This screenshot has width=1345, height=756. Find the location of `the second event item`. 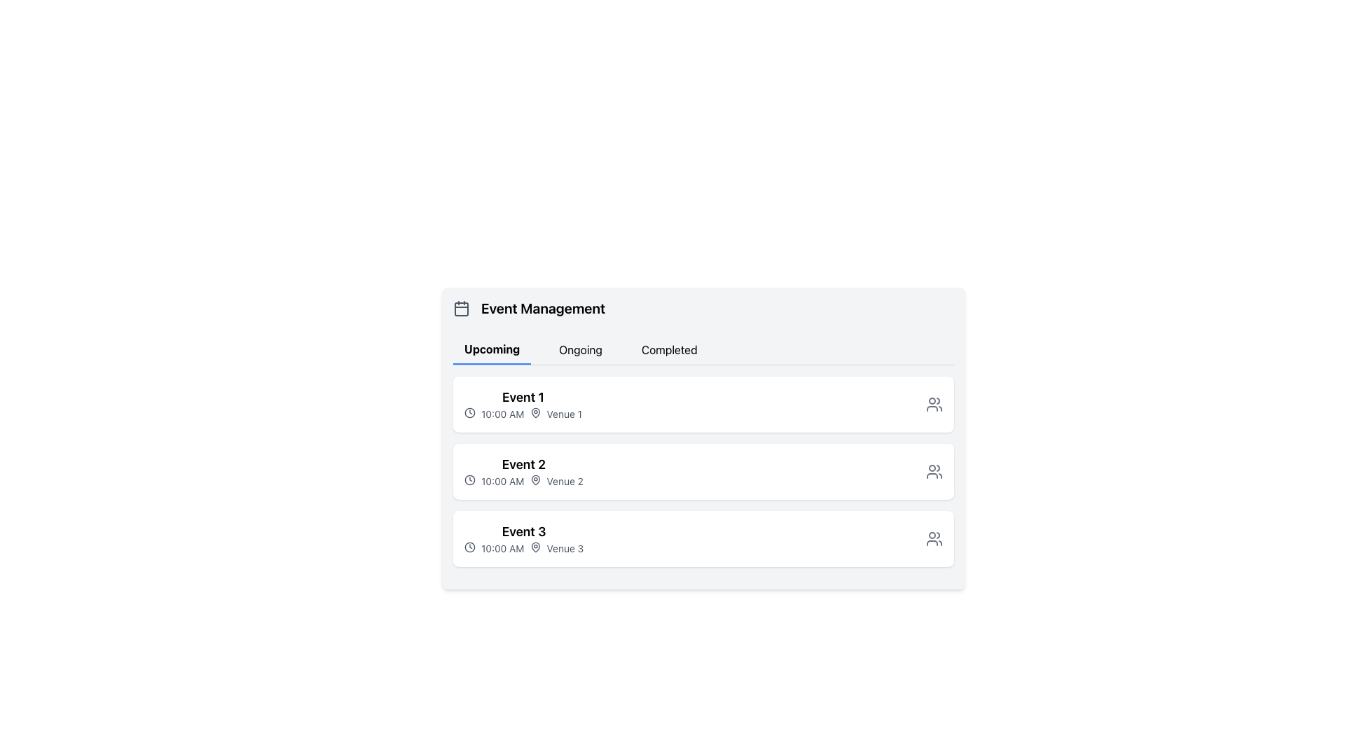

the second event item is located at coordinates (703, 472).